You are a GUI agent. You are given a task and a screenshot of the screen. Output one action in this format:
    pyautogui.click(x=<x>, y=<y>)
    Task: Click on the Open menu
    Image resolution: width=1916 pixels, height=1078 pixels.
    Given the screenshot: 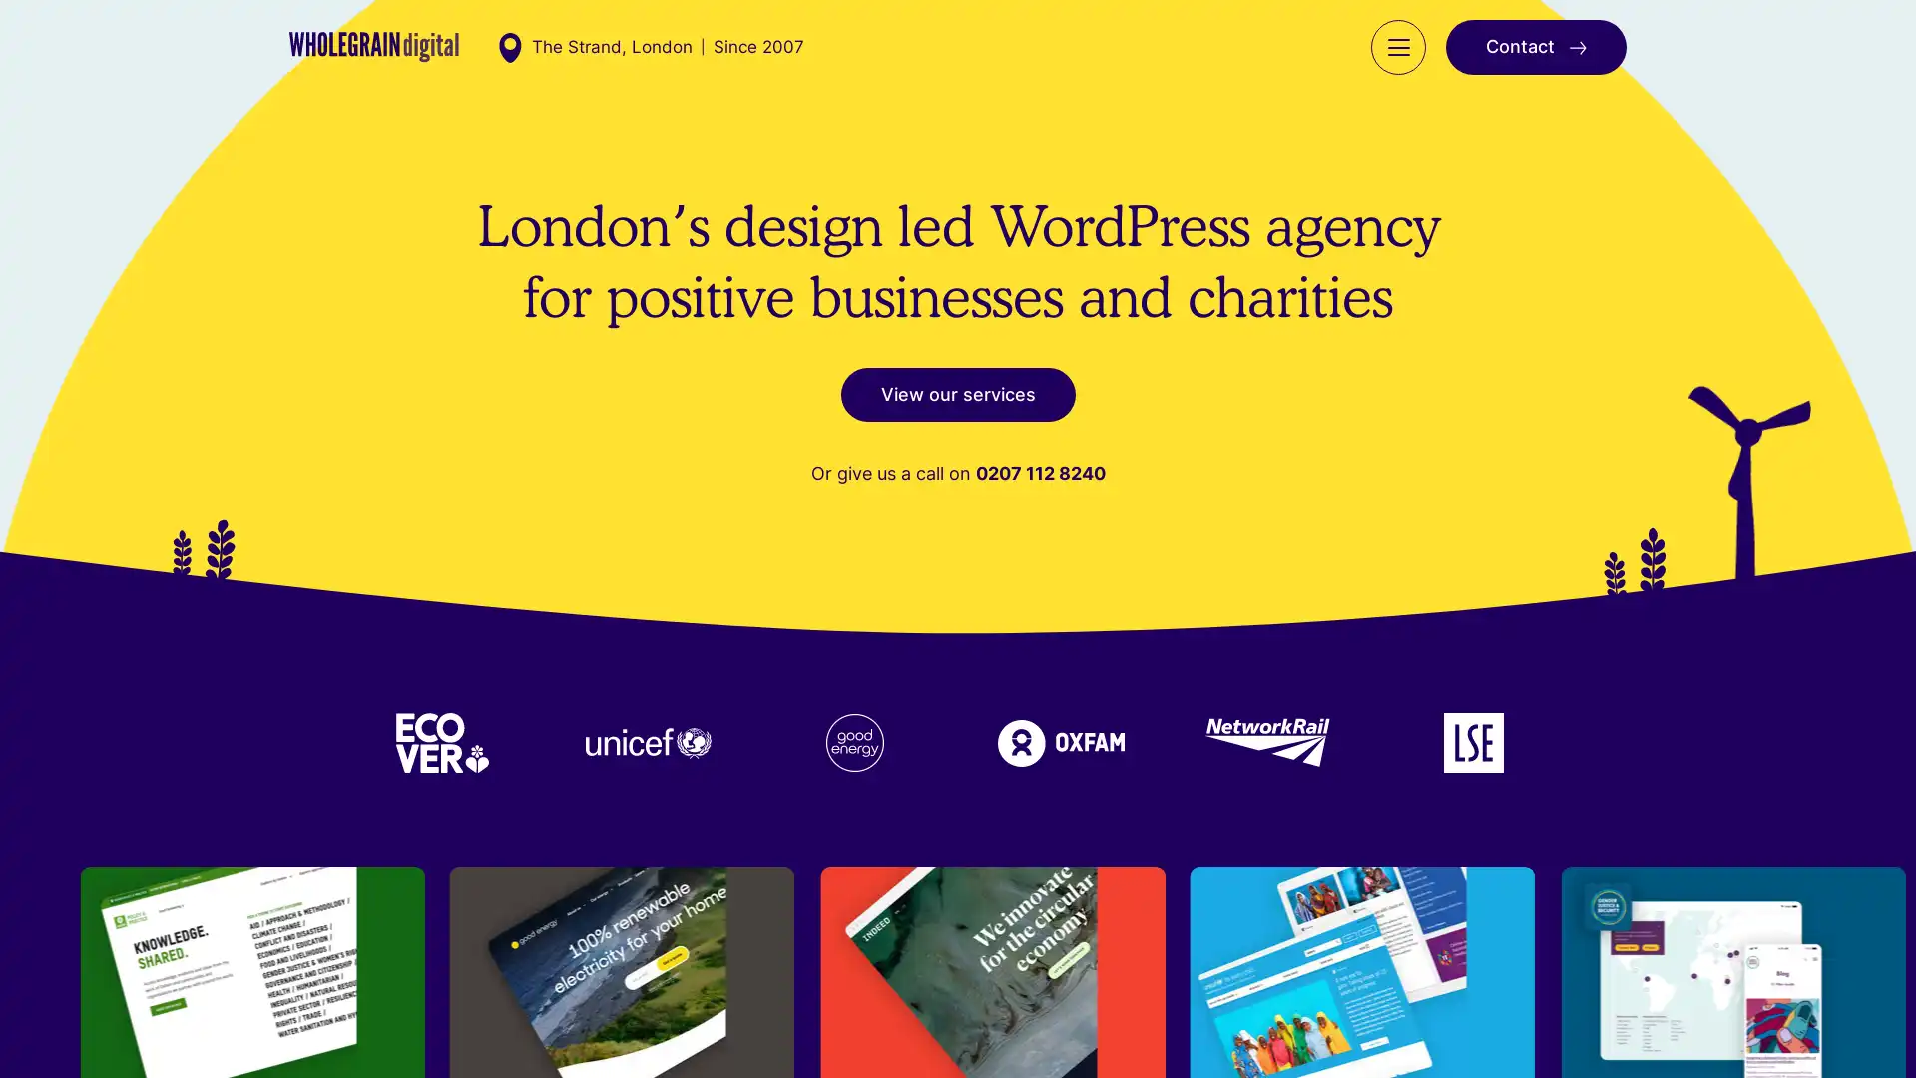 What is the action you would take?
    pyautogui.click(x=1397, y=66)
    